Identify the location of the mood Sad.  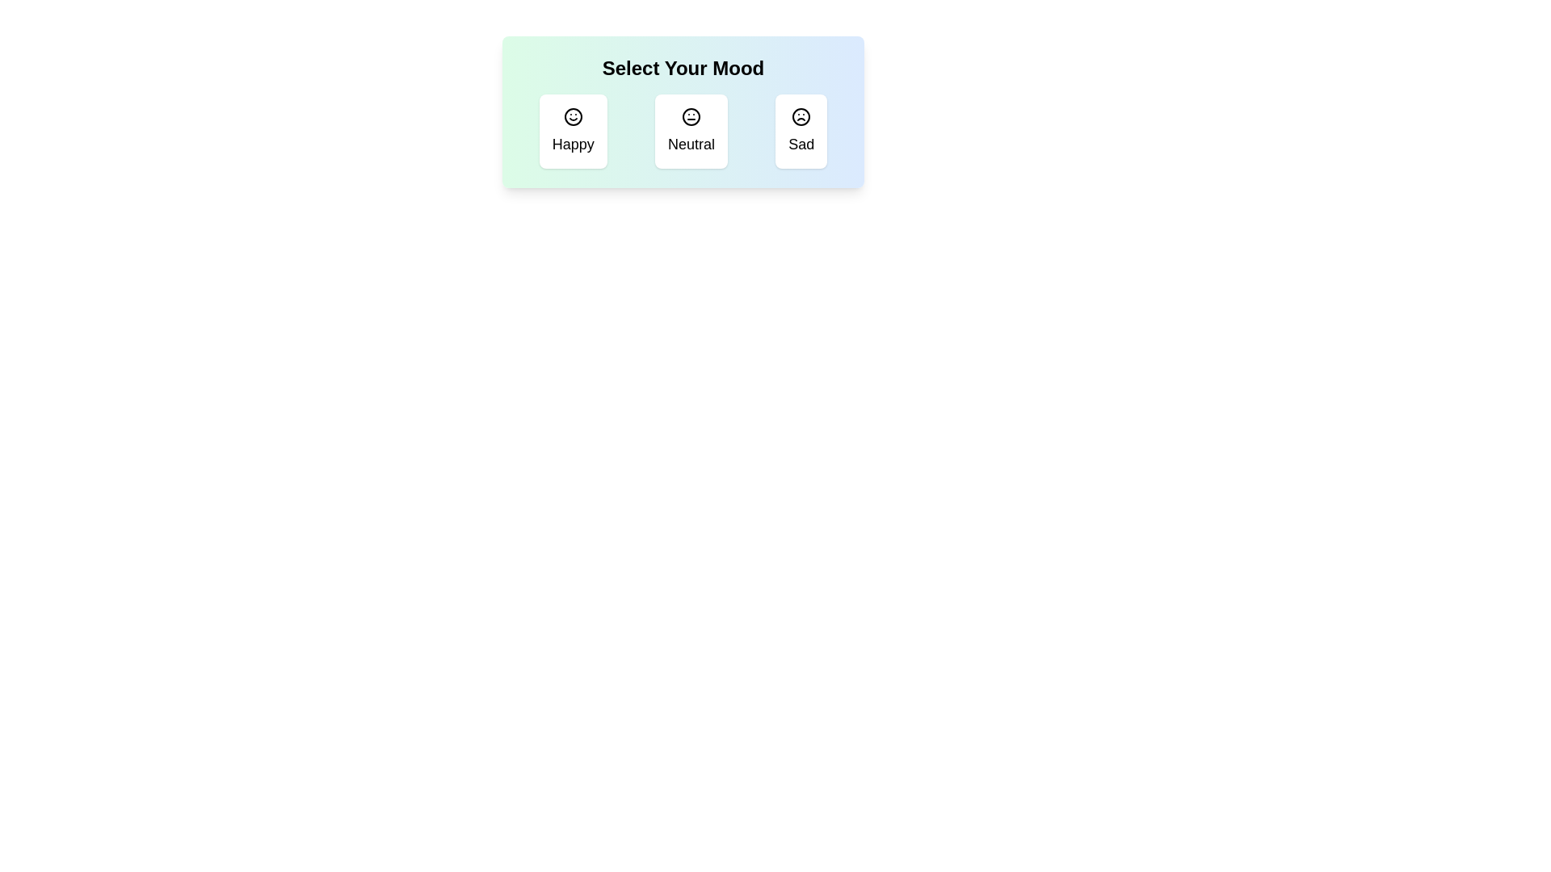
(801, 130).